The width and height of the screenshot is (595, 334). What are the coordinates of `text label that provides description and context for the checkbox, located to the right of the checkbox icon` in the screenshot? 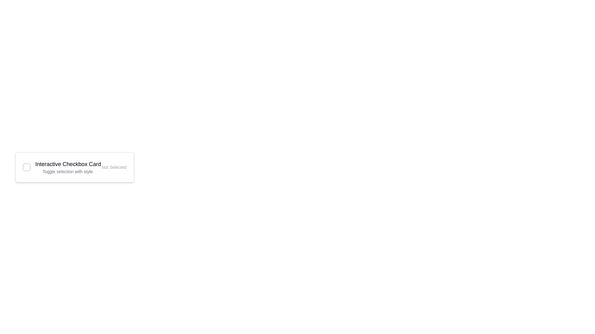 It's located at (68, 167).